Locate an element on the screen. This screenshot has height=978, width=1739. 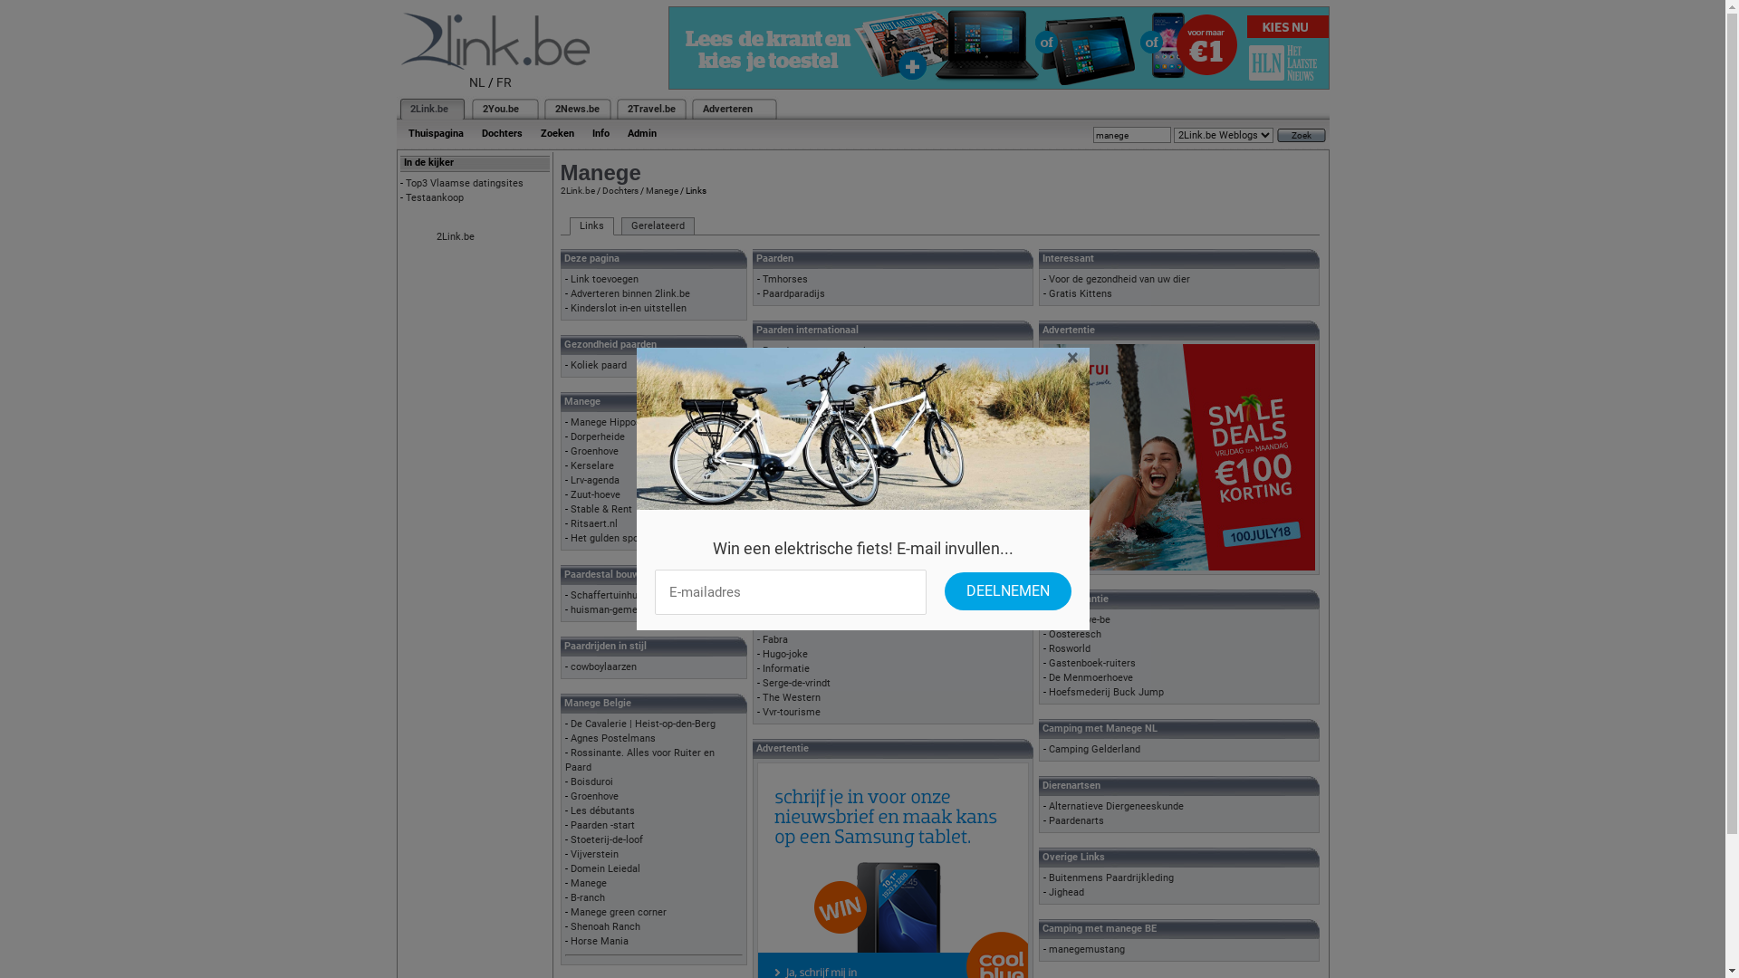
'Gratis Kittens' is located at coordinates (1081, 292).